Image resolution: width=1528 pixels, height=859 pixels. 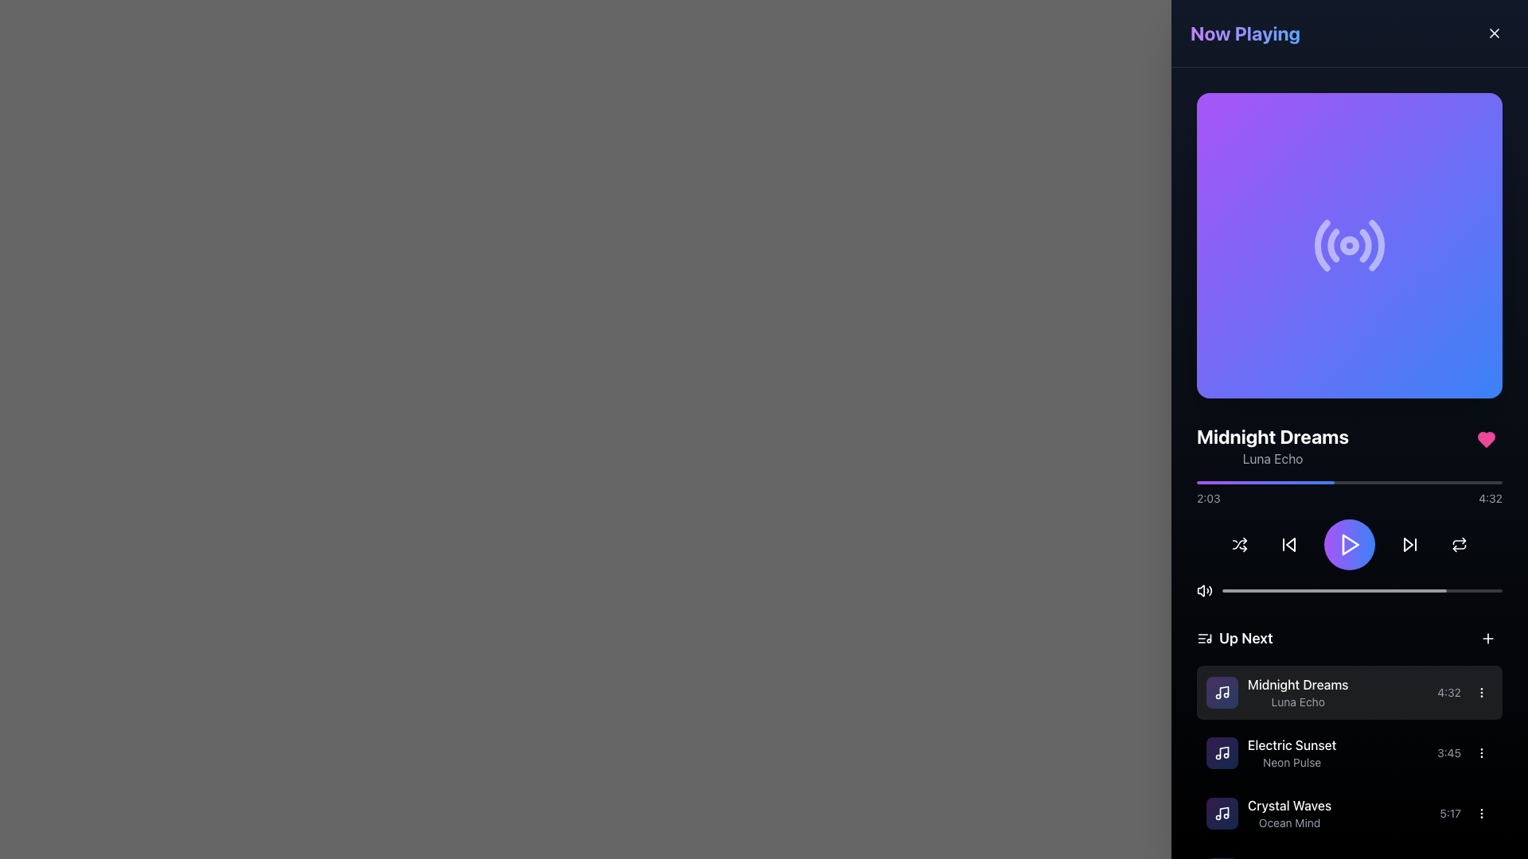 I want to click on the progress bar indicating the playback progress of the currently playing media track, located above the time indicators and below the song title 'Midnight Dreams', so click(x=1348, y=481).